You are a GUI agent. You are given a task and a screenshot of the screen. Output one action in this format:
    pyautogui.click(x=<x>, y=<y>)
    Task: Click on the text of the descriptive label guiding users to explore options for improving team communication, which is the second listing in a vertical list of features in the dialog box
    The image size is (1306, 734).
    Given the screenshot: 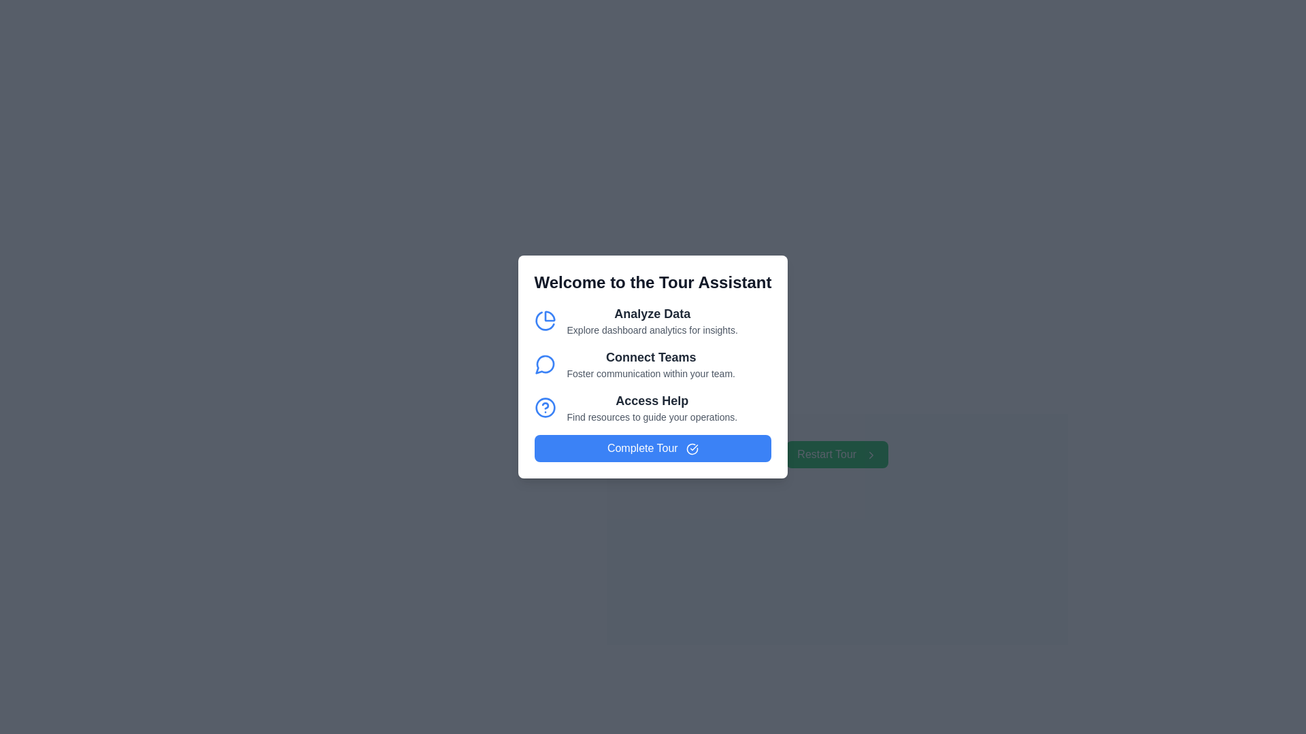 What is the action you would take?
    pyautogui.click(x=650, y=364)
    